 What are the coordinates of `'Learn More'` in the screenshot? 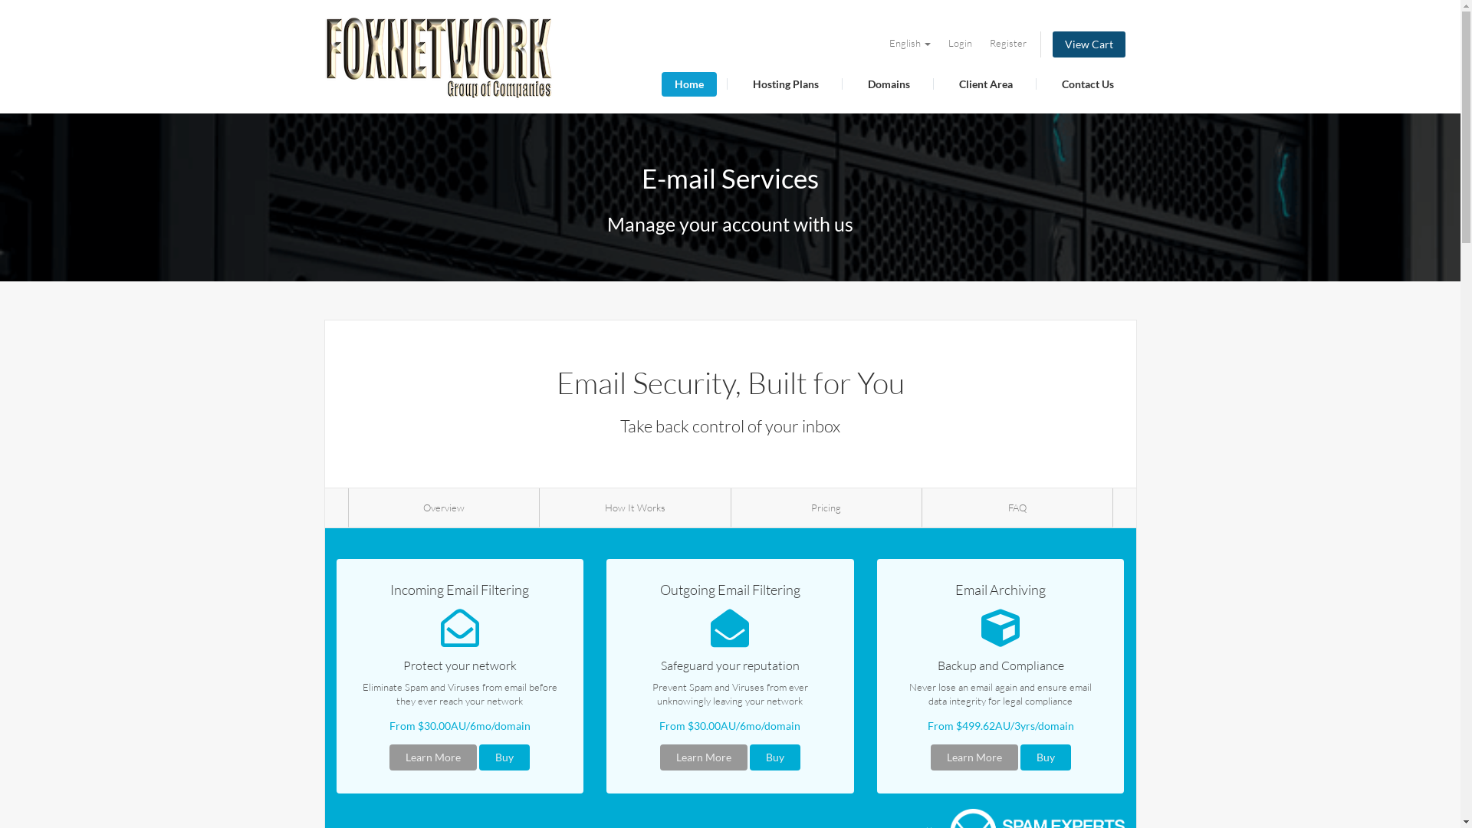 It's located at (702, 756).